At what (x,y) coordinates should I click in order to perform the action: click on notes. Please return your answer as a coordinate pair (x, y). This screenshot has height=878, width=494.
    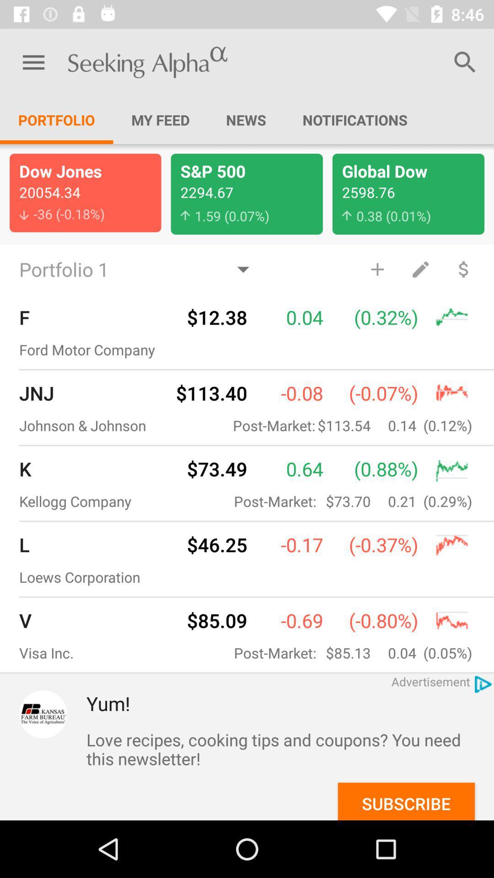
    Looking at the image, I should click on (420, 268).